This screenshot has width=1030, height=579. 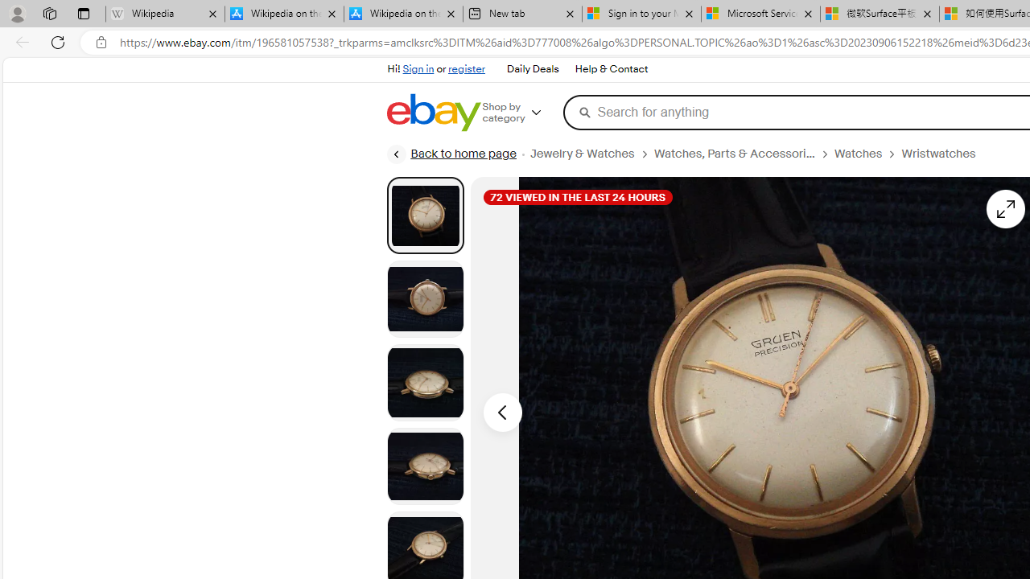 I want to click on 'Watches, Parts & Accessories', so click(x=733, y=154).